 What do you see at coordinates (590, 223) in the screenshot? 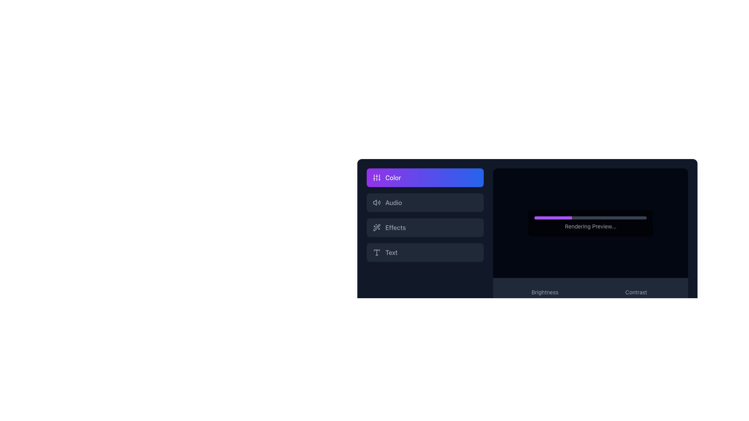
I see `the Progress Panel displaying 'Rendering Preview...' to provide user feedback on the task progress` at bounding box center [590, 223].